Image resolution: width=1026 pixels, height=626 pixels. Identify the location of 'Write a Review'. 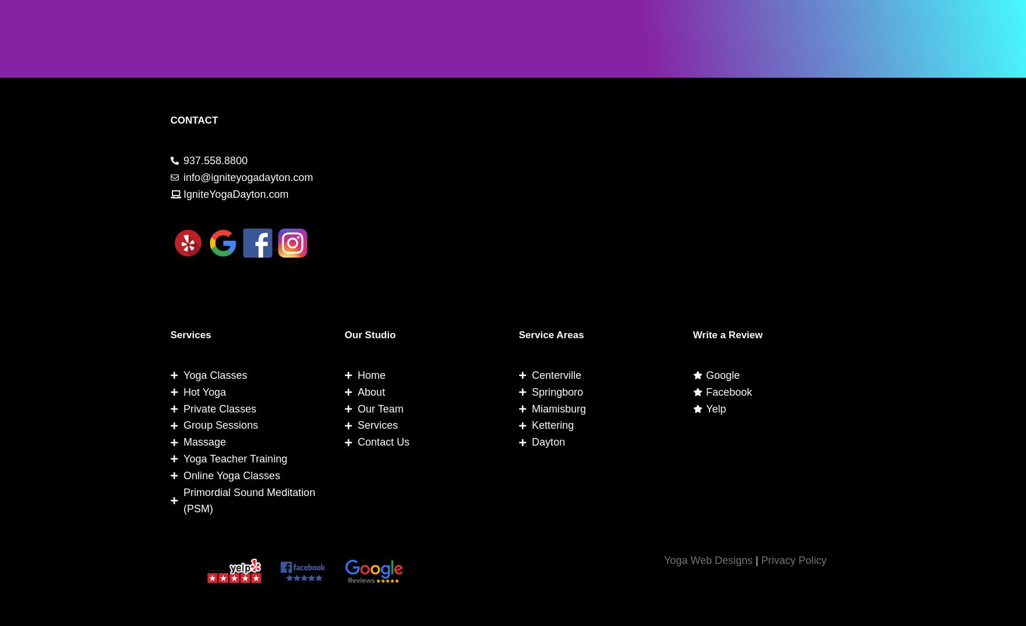
(726, 334).